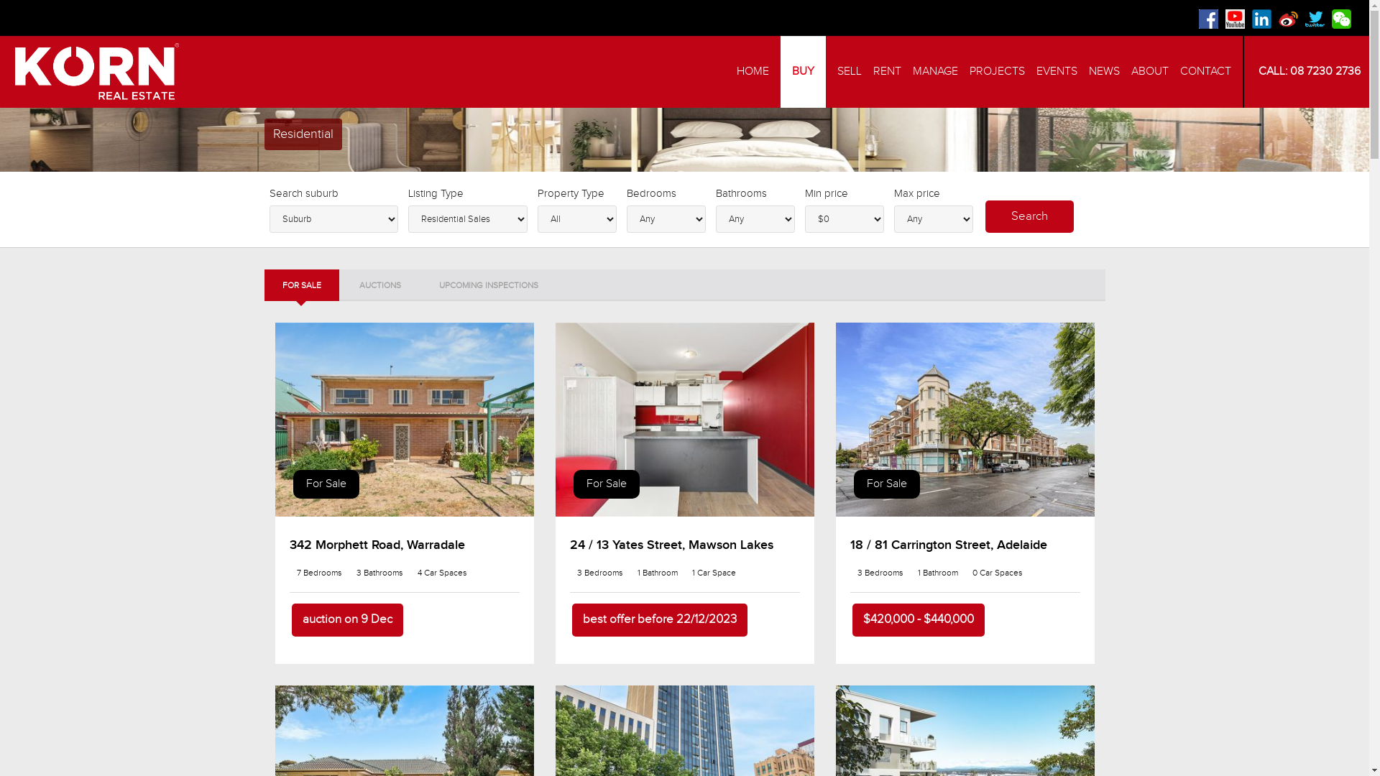 The image size is (1380, 776). What do you see at coordinates (1149, 72) in the screenshot?
I see `'ABOUT'` at bounding box center [1149, 72].